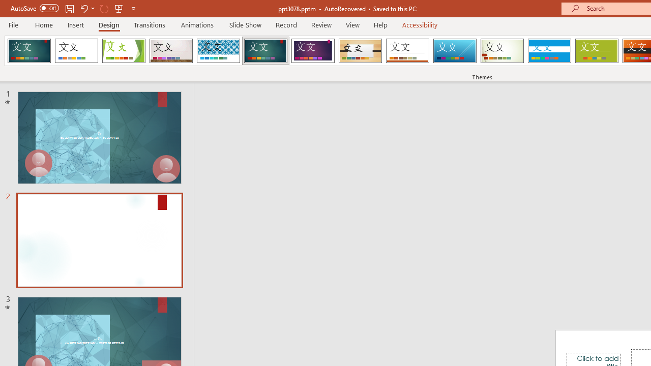  I want to click on 'Office Theme', so click(76, 51).